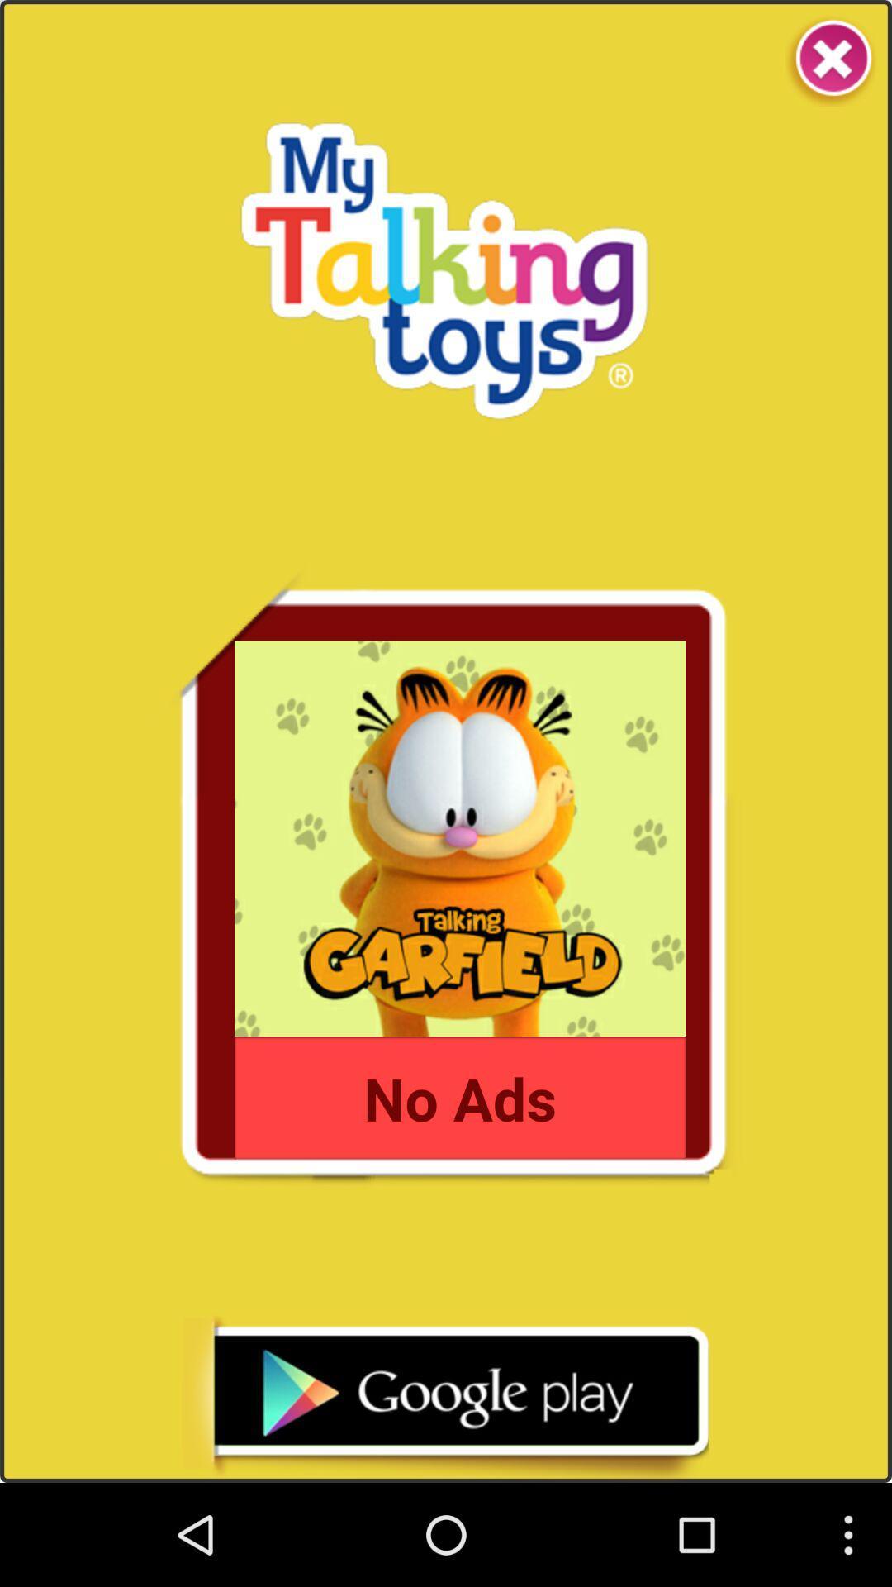  Describe the element at coordinates (444, 1398) in the screenshot. I see `announcement` at that location.